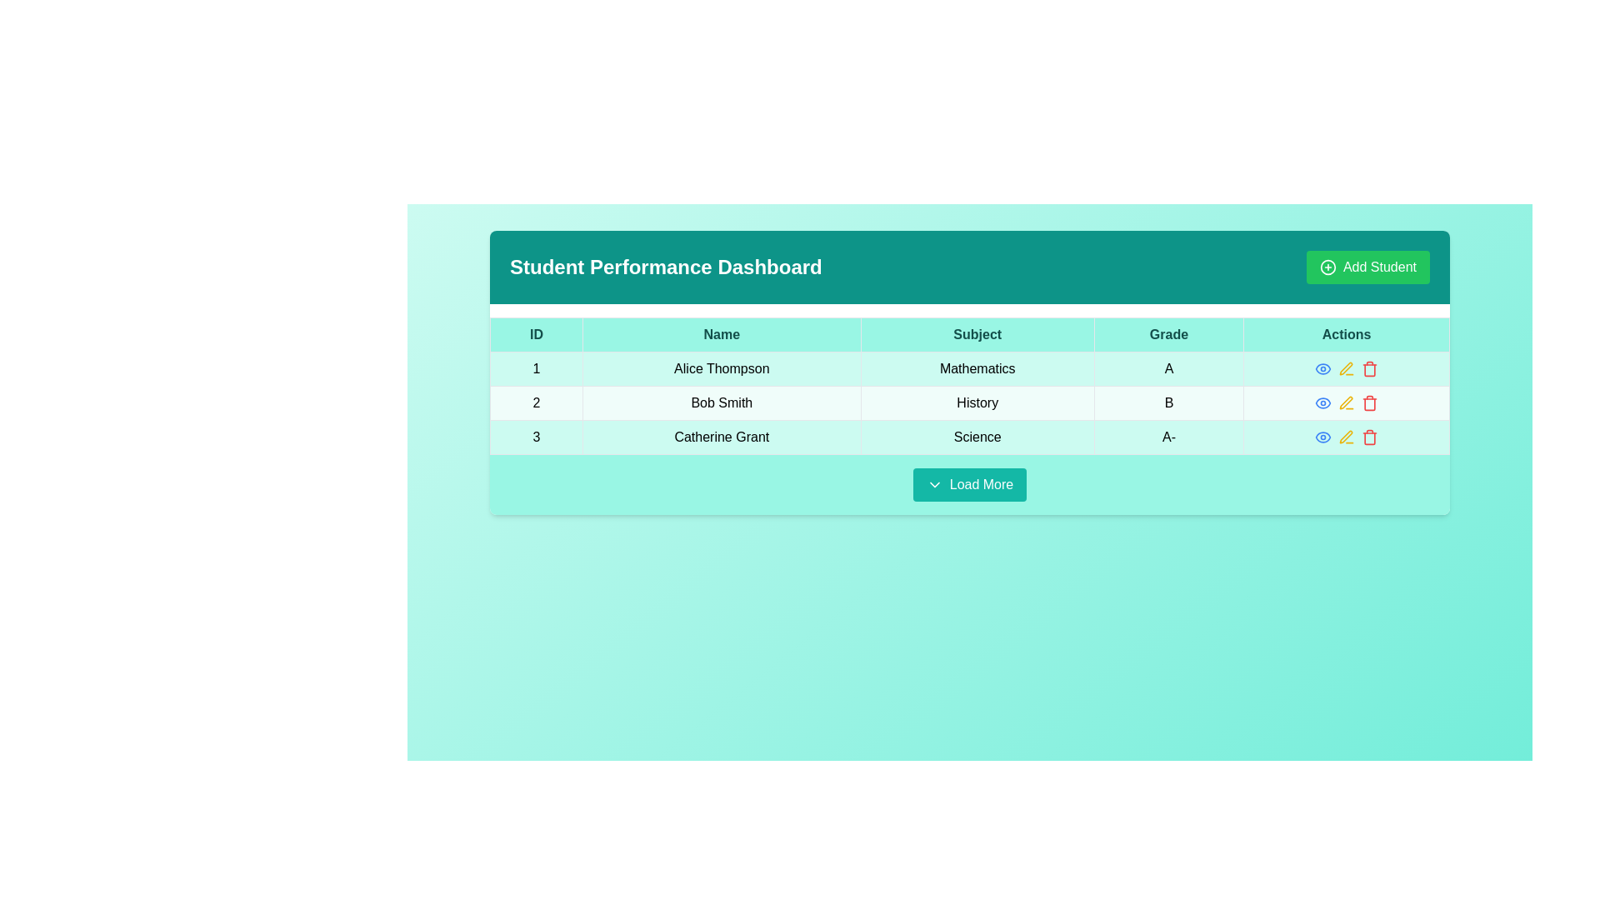  I want to click on the yellow edit icon in the 'Actions' column for 'Bob Smith', so click(1347, 368).